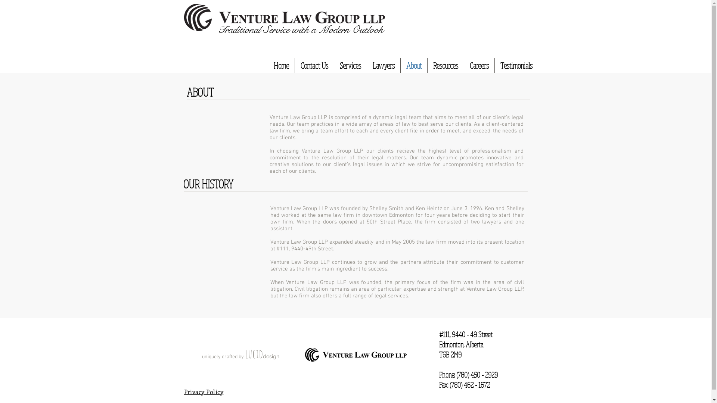 The image size is (717, 403). What do you see at coordinates (284, 17) in the screenshot?
I see `'VentureLawLLPLogo.png'` at bounding box center [284, 17].